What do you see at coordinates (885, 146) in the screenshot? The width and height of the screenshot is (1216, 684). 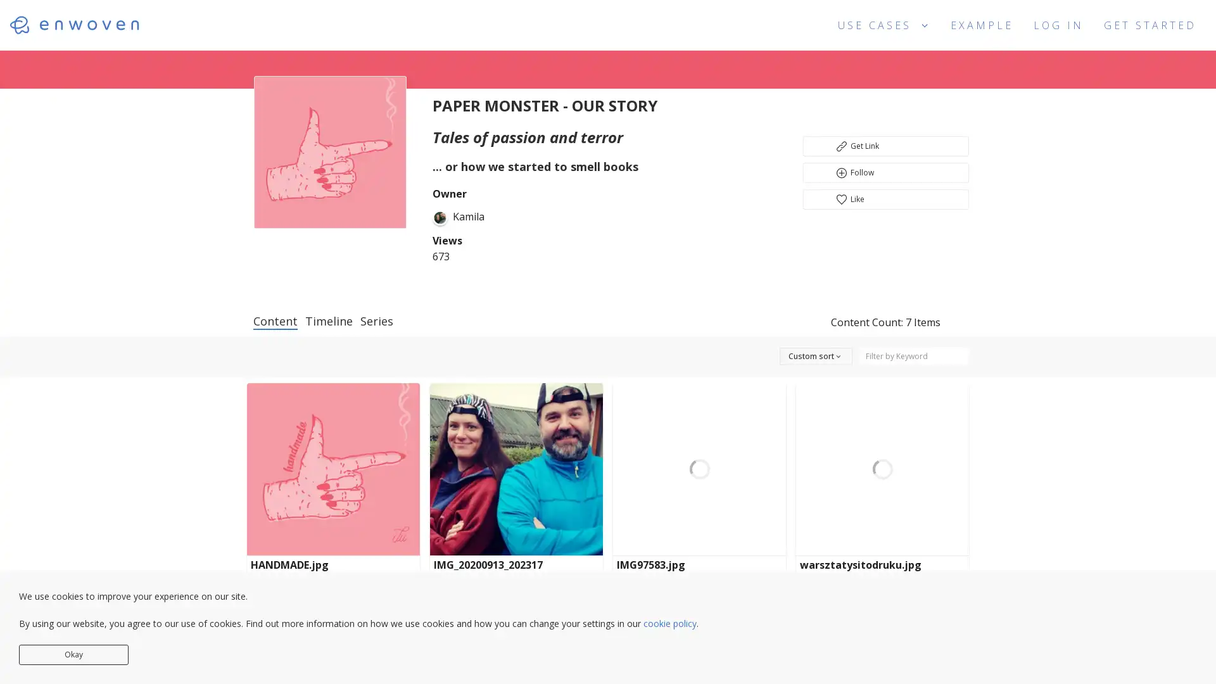 I see `Get Link` at bounding box center [885, 146].